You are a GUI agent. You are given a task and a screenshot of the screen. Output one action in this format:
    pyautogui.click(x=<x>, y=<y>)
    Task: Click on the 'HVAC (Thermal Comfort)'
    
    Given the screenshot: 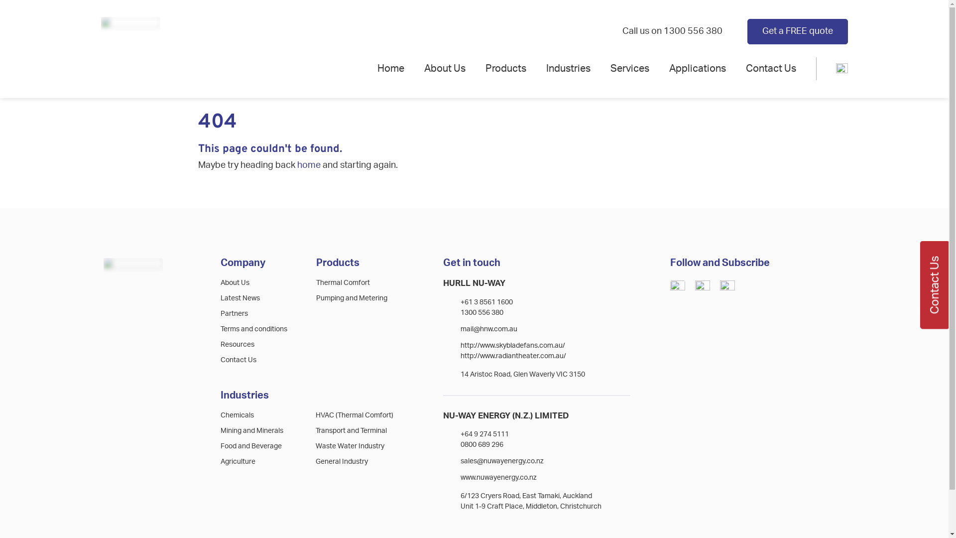 What is the action you would take?
    pyautogui.click(x=354, y=415)
    